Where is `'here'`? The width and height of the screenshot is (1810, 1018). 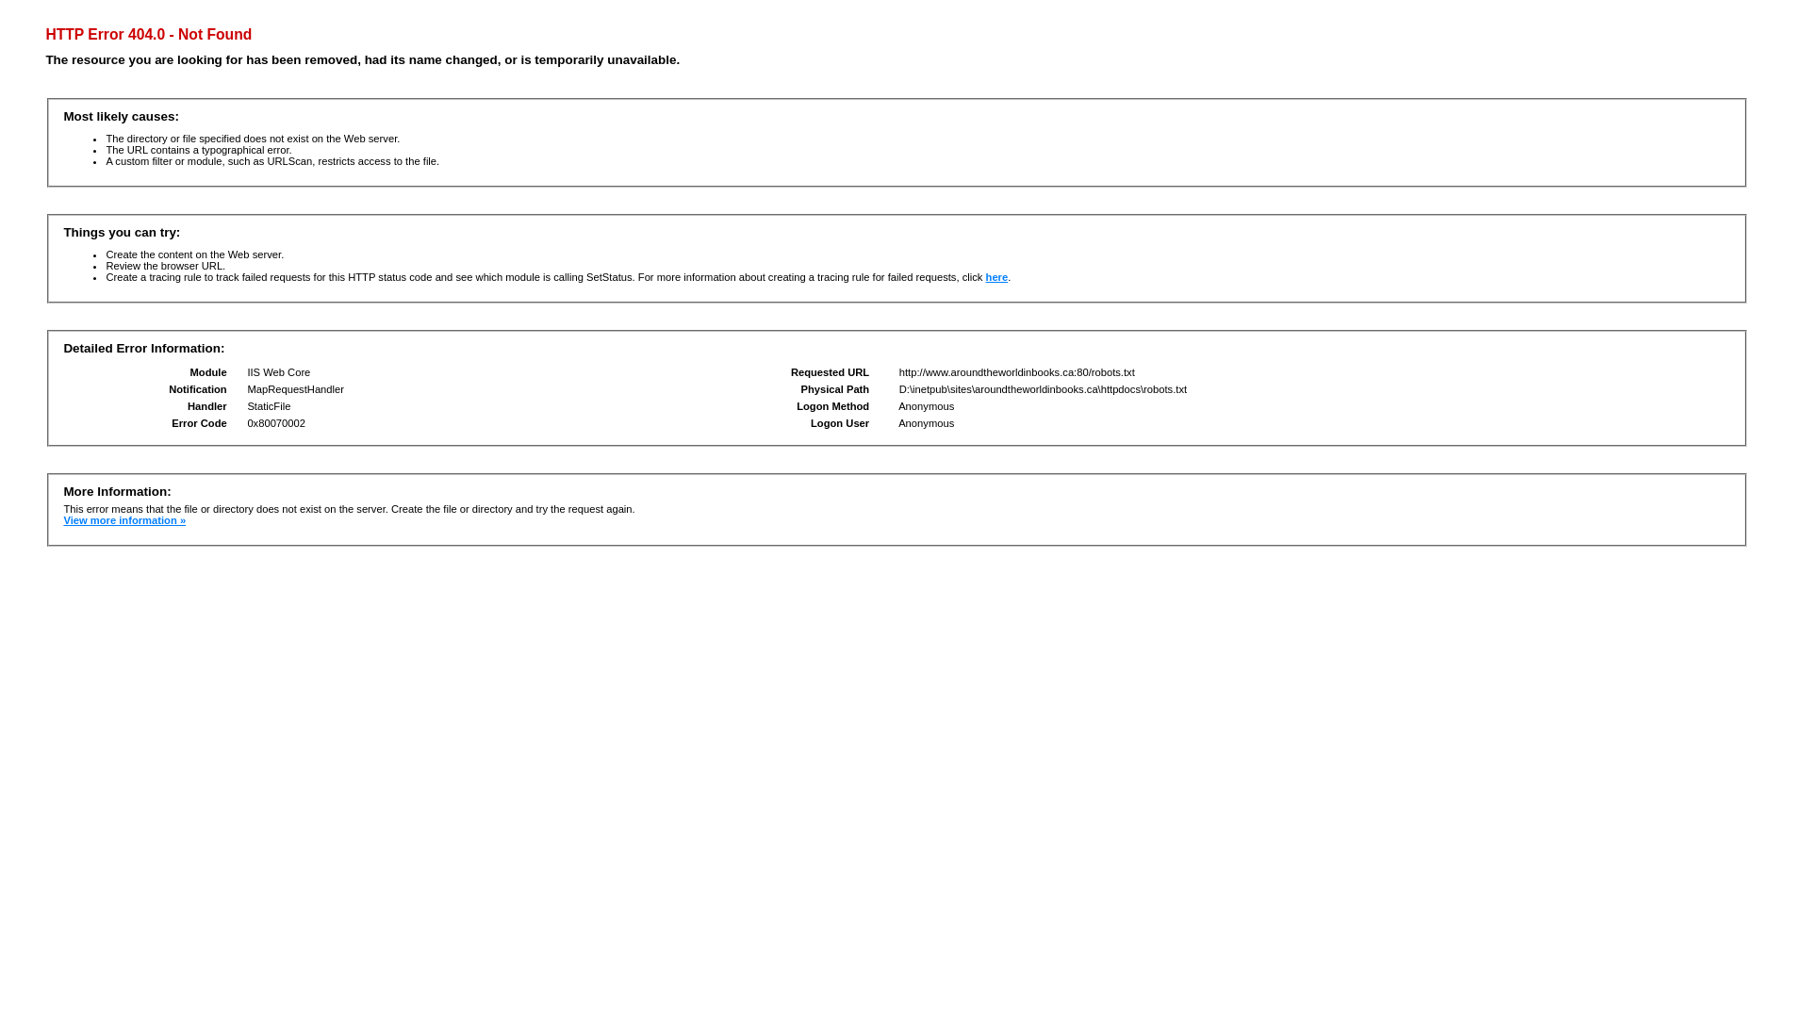 'here' is located at coordinates (995, 276).